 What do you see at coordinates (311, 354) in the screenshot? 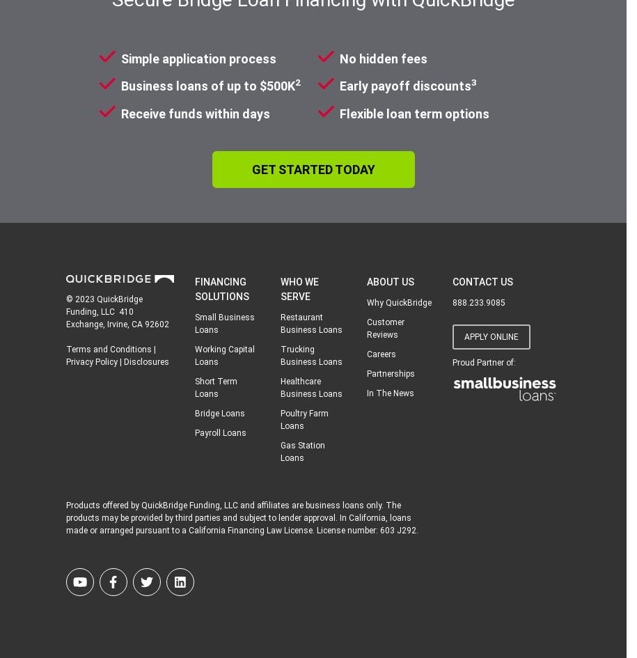
I see `'Trucking Business Loans'` at bounding box center [311, 354].